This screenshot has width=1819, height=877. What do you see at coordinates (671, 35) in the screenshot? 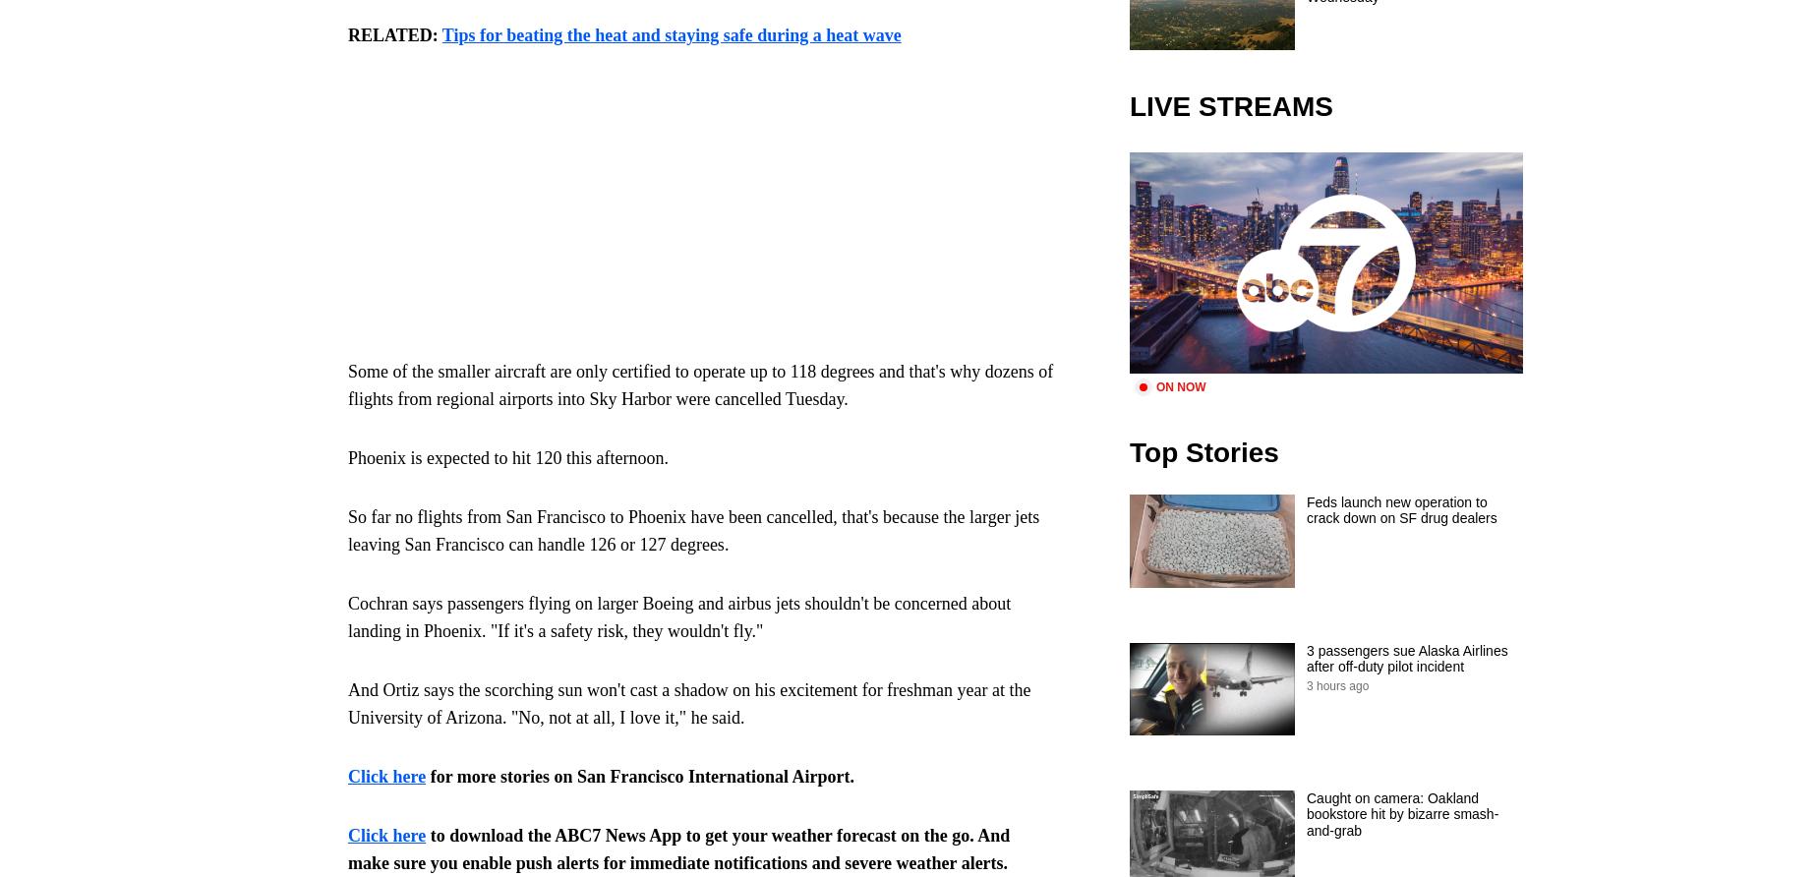
I see `'Tips for beating the heat and staying safe during a heat wave'` at bounding box center [671, 35].